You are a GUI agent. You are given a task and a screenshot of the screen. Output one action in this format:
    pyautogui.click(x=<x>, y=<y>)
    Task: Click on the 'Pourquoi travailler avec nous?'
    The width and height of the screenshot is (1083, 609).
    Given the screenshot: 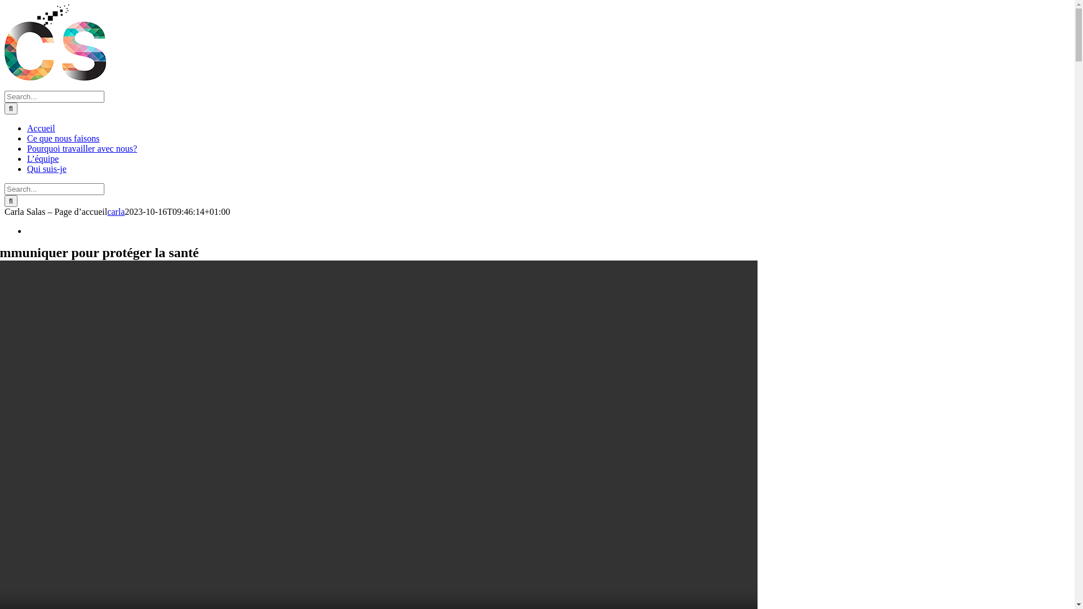 What is the action you would take?
    pyautogui.click(x=81, y=148)
    